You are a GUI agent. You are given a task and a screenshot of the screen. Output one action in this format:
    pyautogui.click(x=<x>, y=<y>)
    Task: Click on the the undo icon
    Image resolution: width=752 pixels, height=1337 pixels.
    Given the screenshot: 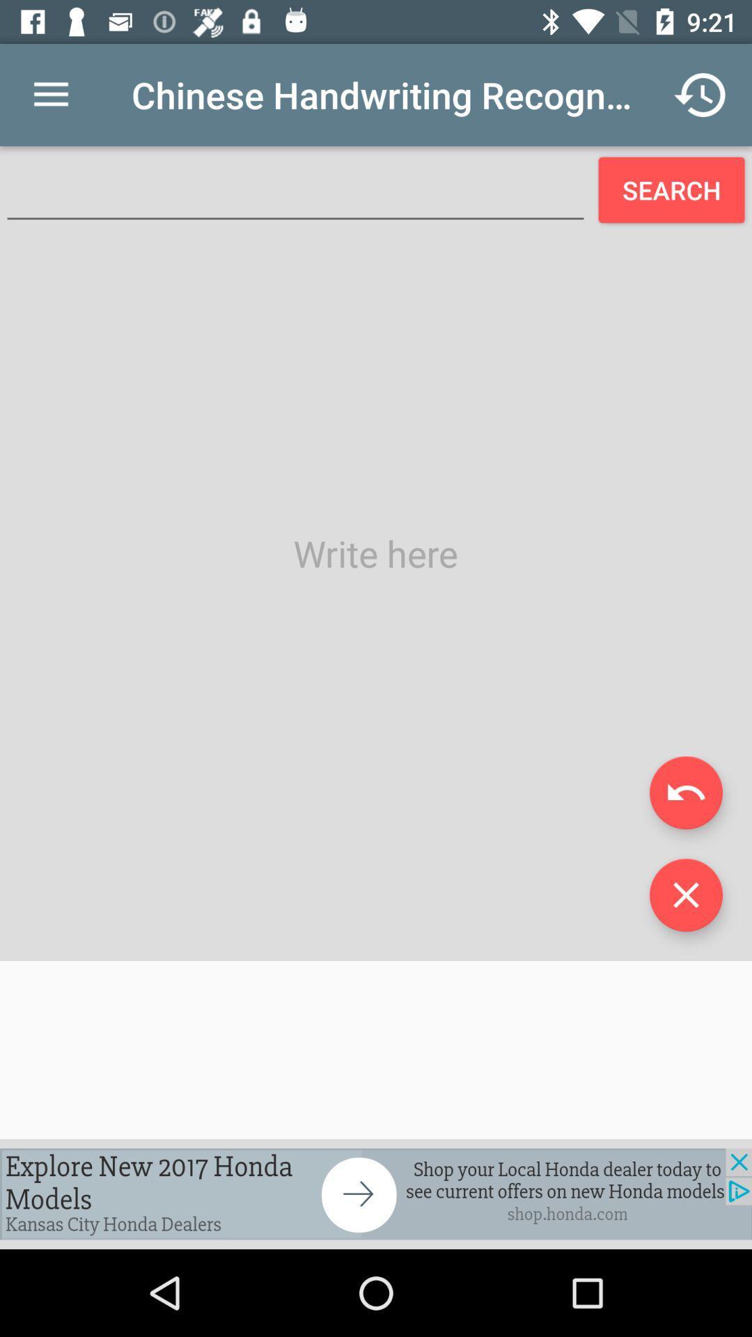 What is the action you would take?
    pyautogui.click(x=685, y=792)
    